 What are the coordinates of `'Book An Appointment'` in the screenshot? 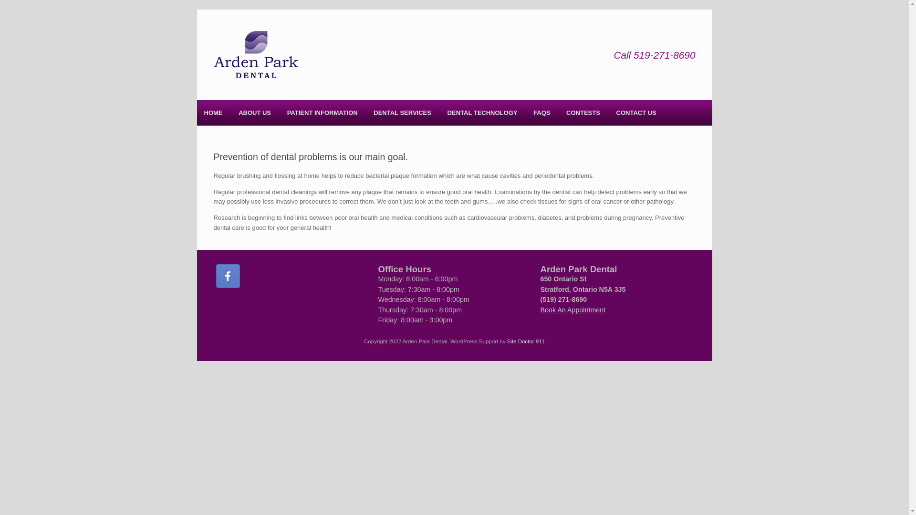 It's located at (572, 310).